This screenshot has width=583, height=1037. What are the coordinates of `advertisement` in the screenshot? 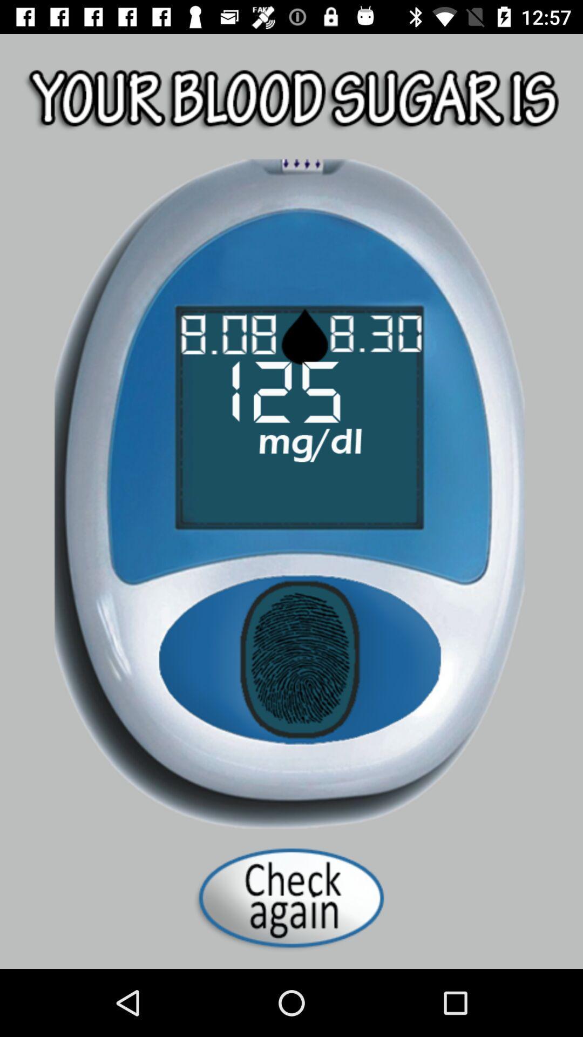 It's located at (291, 898).